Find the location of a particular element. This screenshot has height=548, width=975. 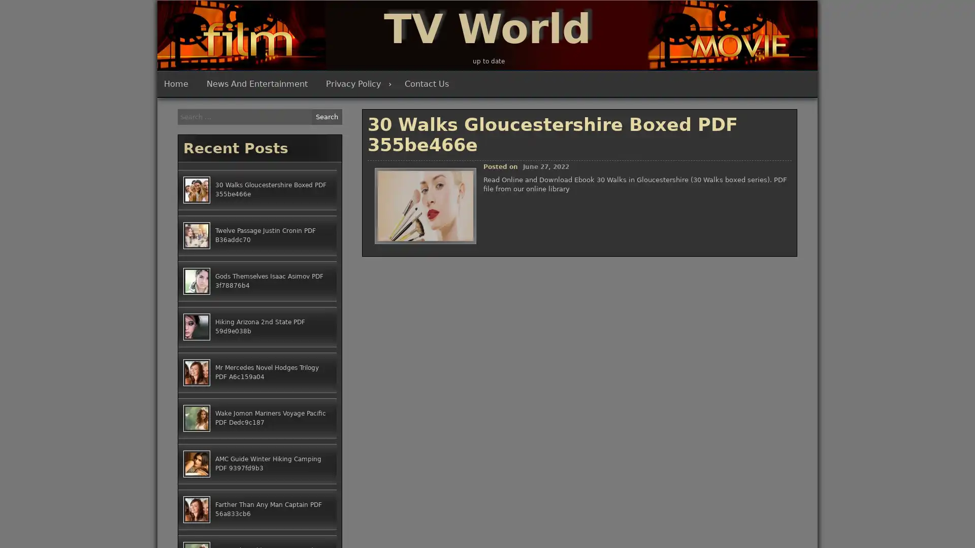

Search is located at coordinates (327, 116).